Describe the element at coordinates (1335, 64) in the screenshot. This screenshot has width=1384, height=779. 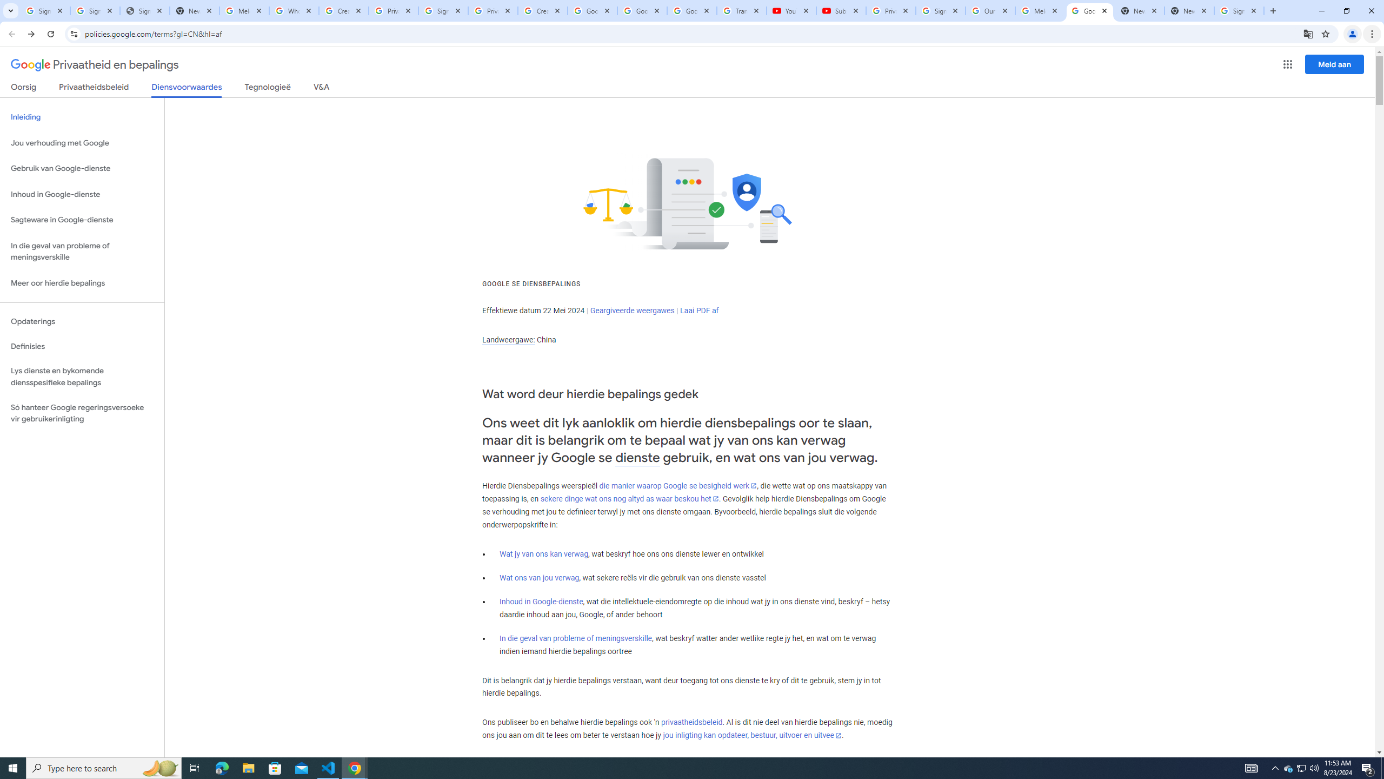
I see `'Meld aan'` at that location.